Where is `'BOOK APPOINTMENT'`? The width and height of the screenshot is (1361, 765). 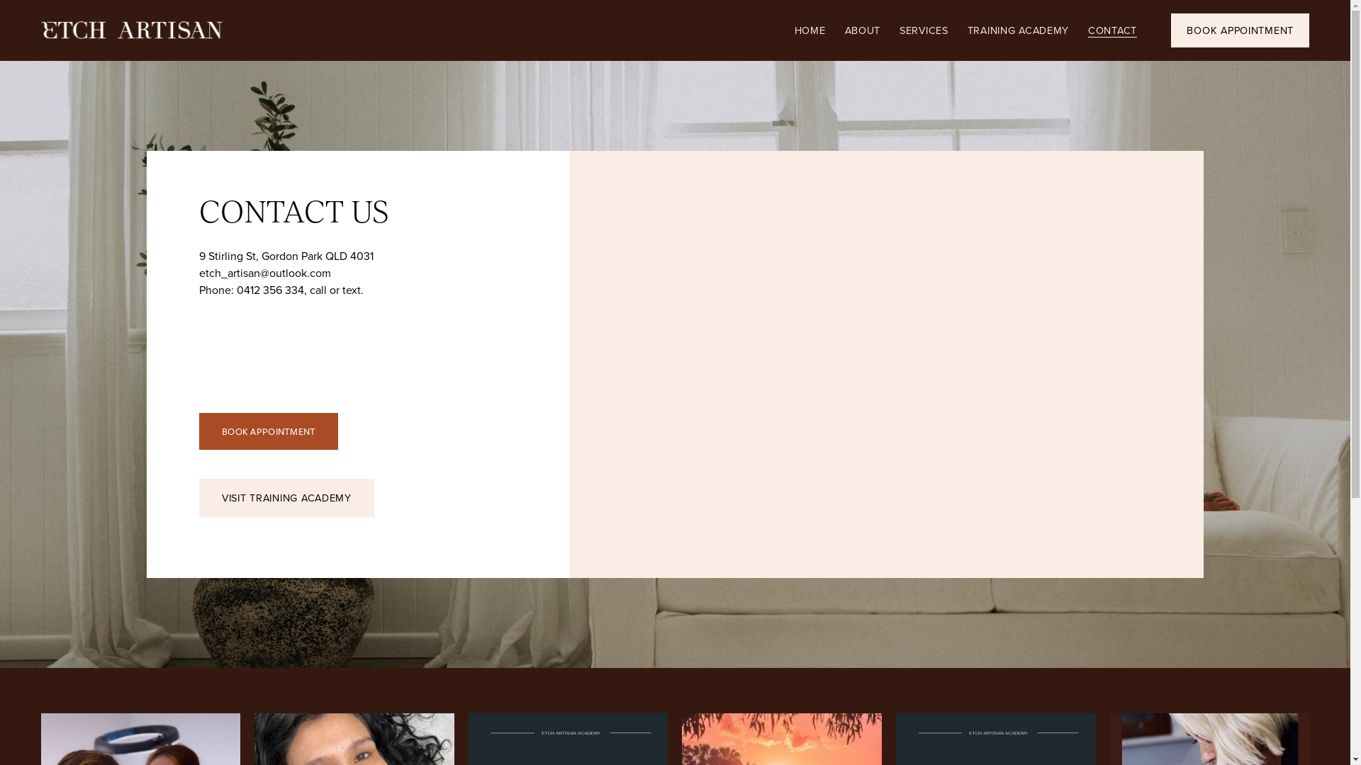
'BOOK APPOINTMENT' is located at coordinates (1239, 30).